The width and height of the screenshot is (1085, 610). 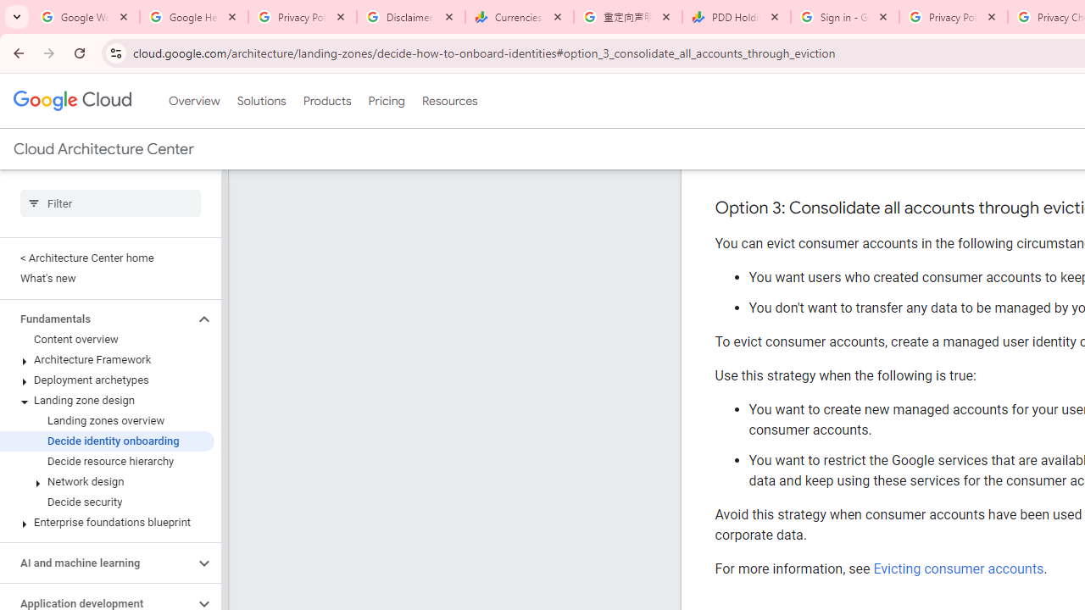 What do you see at coordinates (96, 319) in the screenshot?
I see `'Fundamentals'` at bounding box center [96, 319].